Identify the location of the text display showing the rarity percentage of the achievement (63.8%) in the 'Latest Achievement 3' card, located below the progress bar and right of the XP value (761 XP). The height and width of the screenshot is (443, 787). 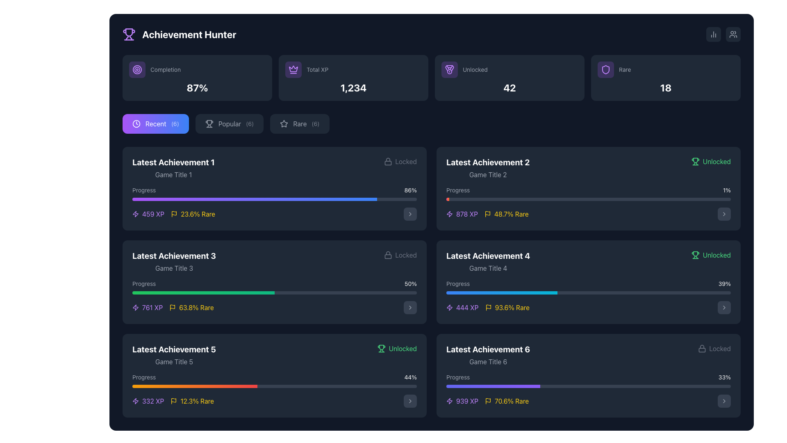
(196, 307).